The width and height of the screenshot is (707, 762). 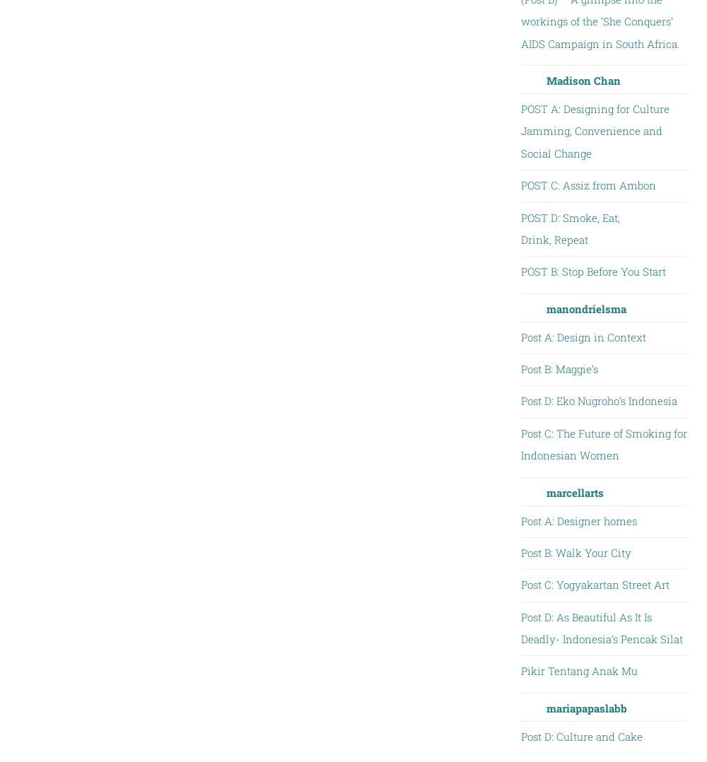 What do you see at coordinates (582, 80) in the screenshot?
I see `'Madison Chan'` at bounding box center [582, 80].